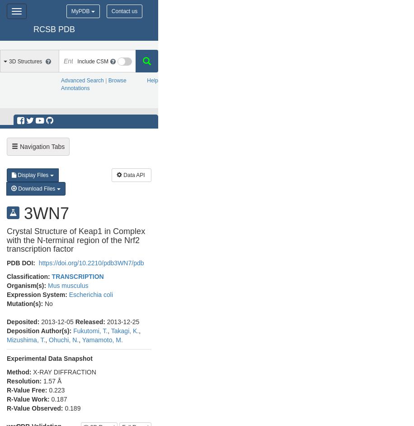  I want to click on 'PDB DOI:', so click(7, 262).